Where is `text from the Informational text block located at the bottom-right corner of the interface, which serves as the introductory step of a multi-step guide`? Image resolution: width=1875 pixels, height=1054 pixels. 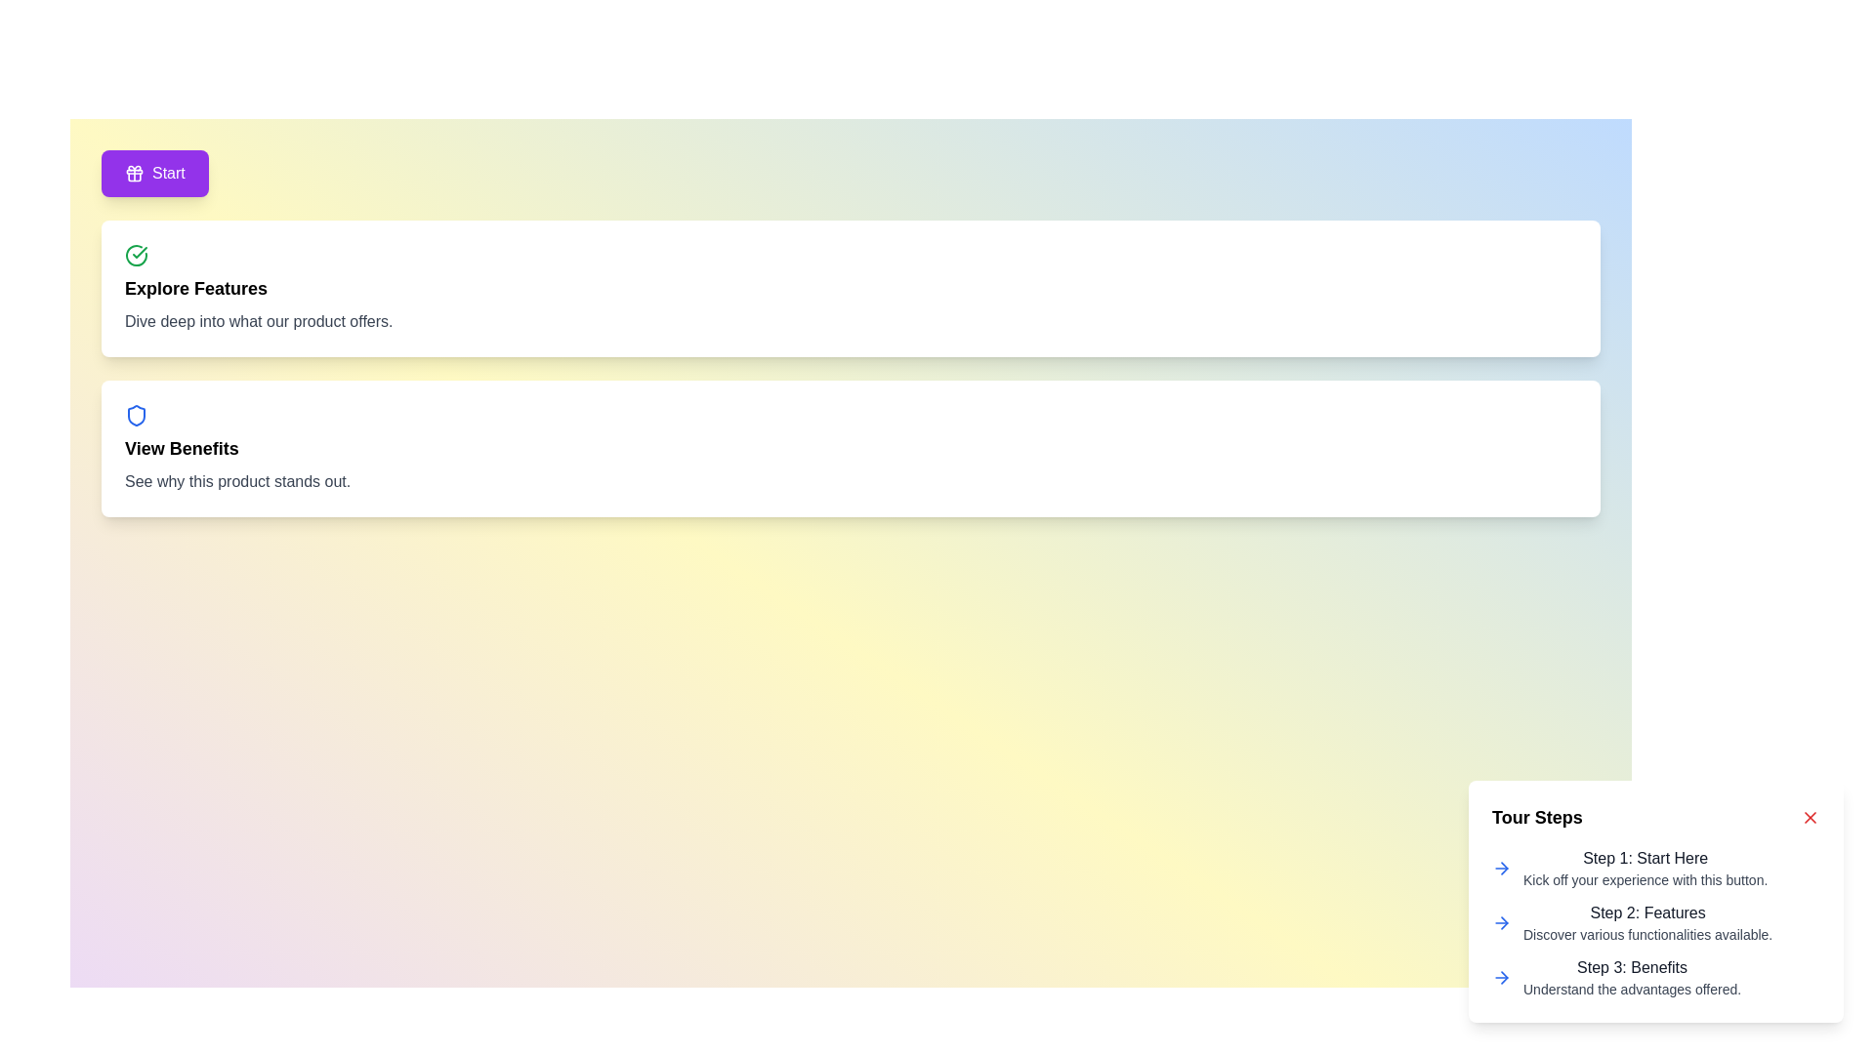 text from the Informational text block located at the bottom-right corner of the interface, which serves as the introductory step of a multi-step guide is located at coordinates (1645, 868).